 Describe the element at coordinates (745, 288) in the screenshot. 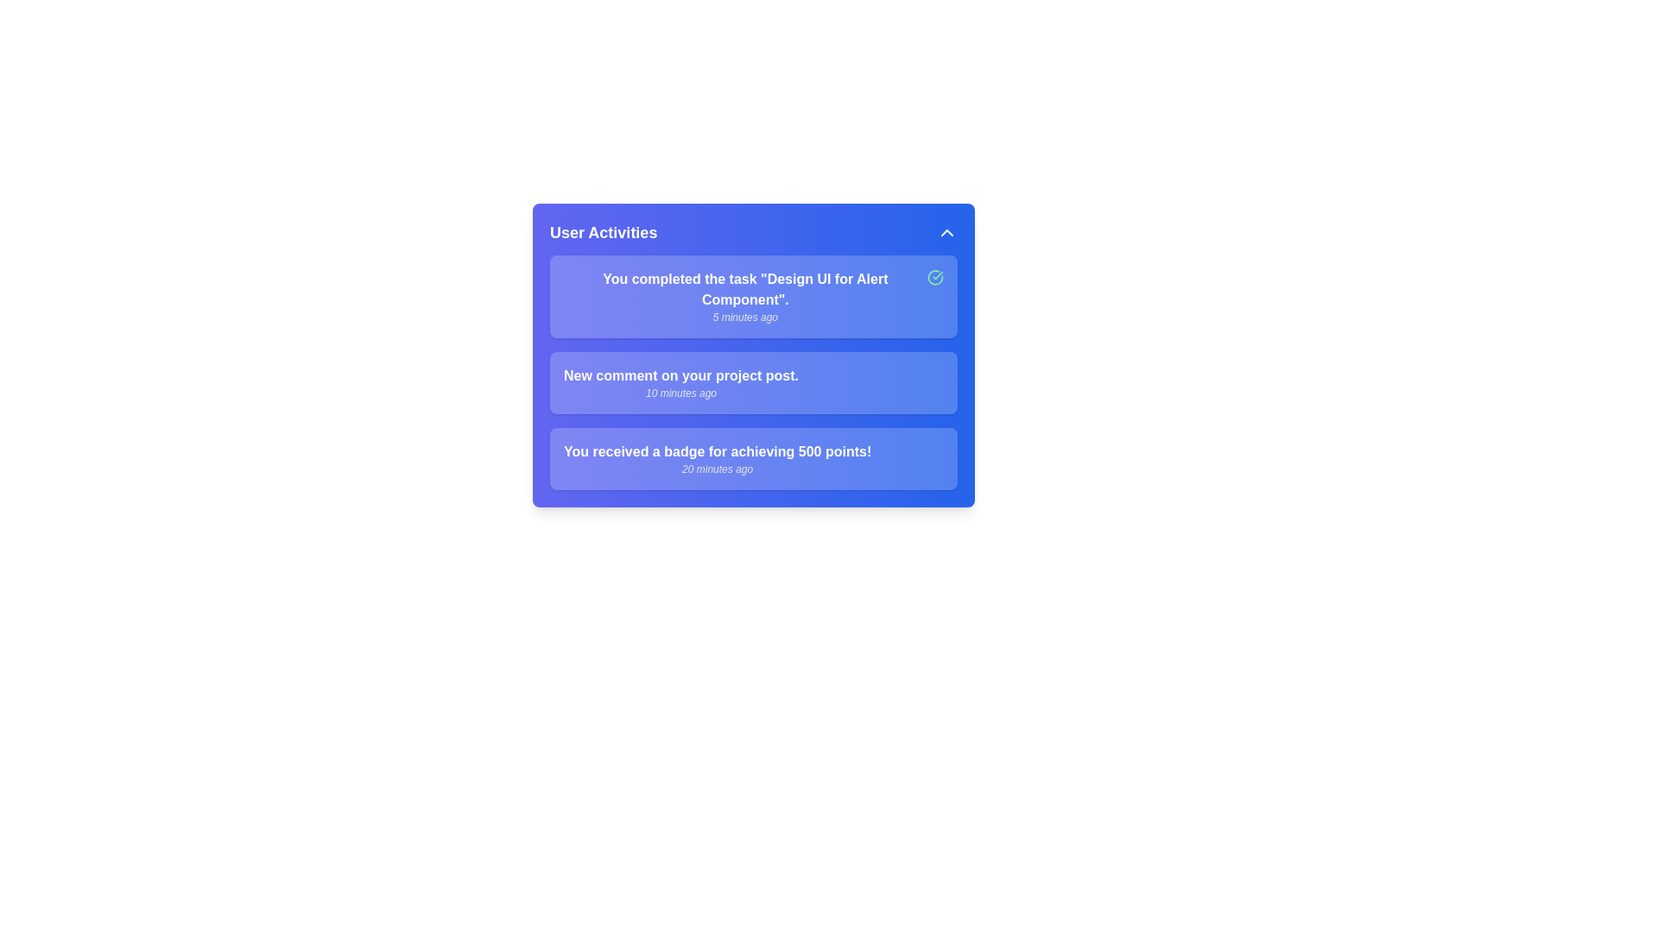

I see `the text label that displays 'You completed the task "Design UI for Alert Component".' which is styled in bold white on a gradient blue card` at that location.